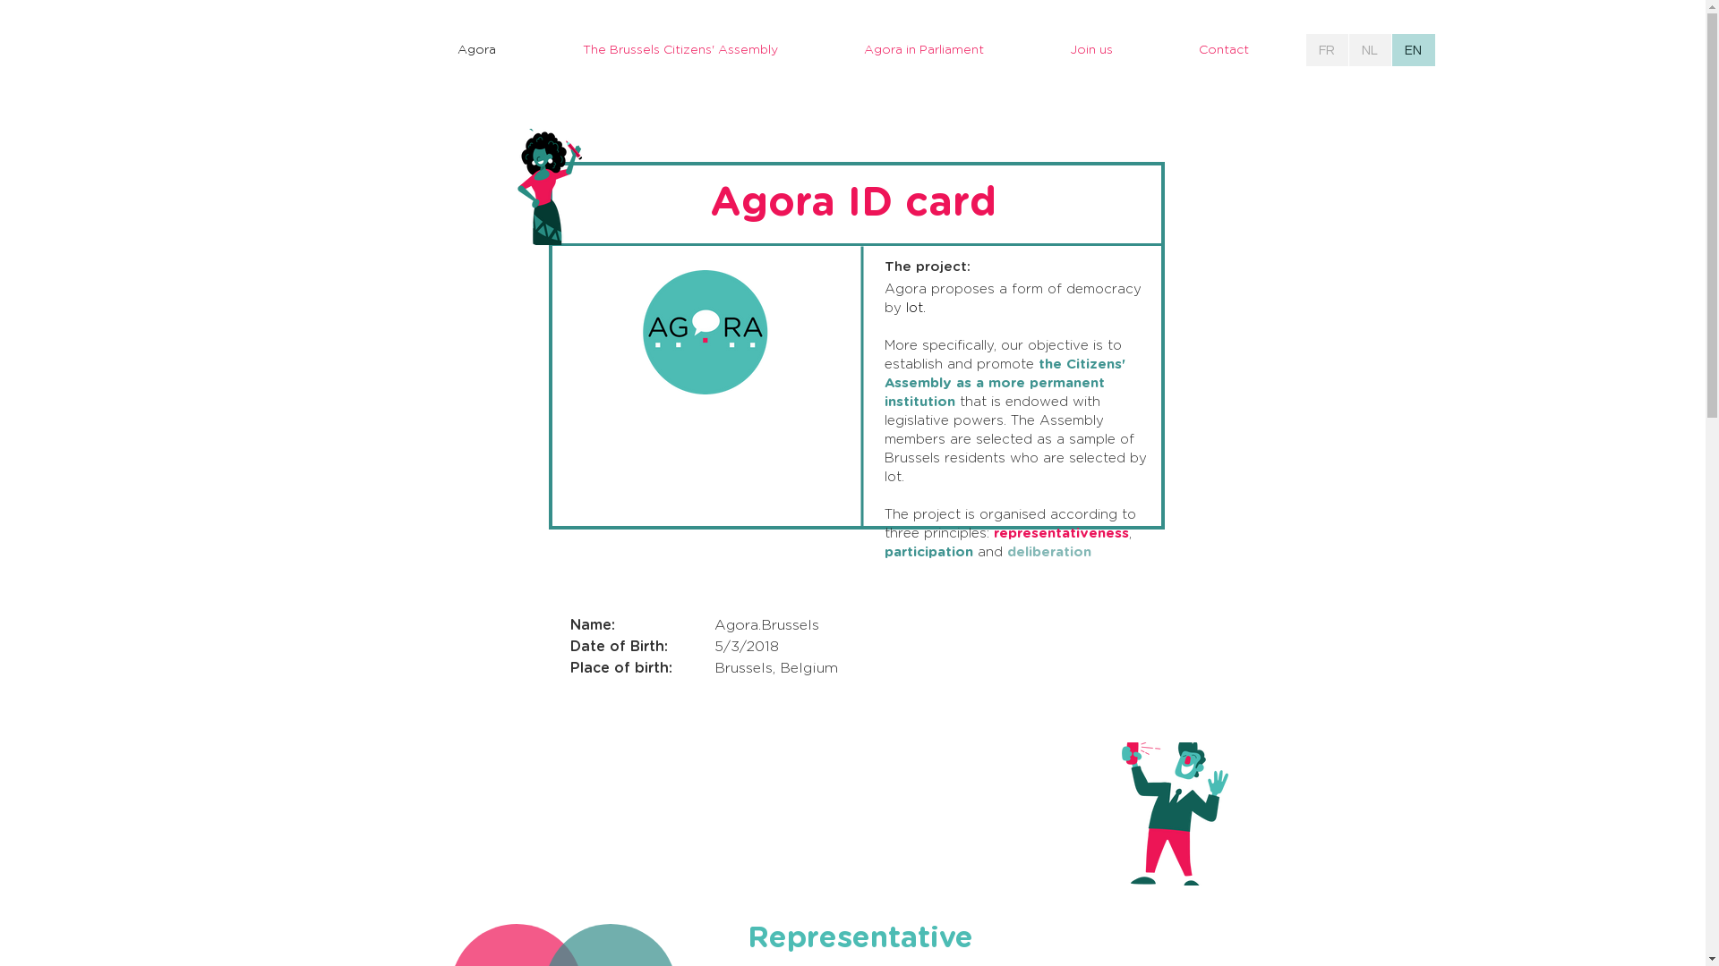 Image resolution: width=1719 pixels, height=966 pixels. What do you see at coordinates (1222, 49) in the screenshot?
I see `'Contact'` at bounding box center [1222, 49].